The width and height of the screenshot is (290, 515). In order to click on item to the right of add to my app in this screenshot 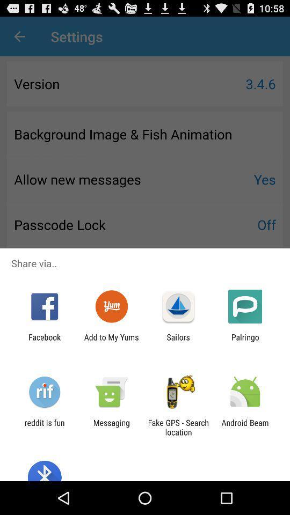, I will do `click(178, 341)`.